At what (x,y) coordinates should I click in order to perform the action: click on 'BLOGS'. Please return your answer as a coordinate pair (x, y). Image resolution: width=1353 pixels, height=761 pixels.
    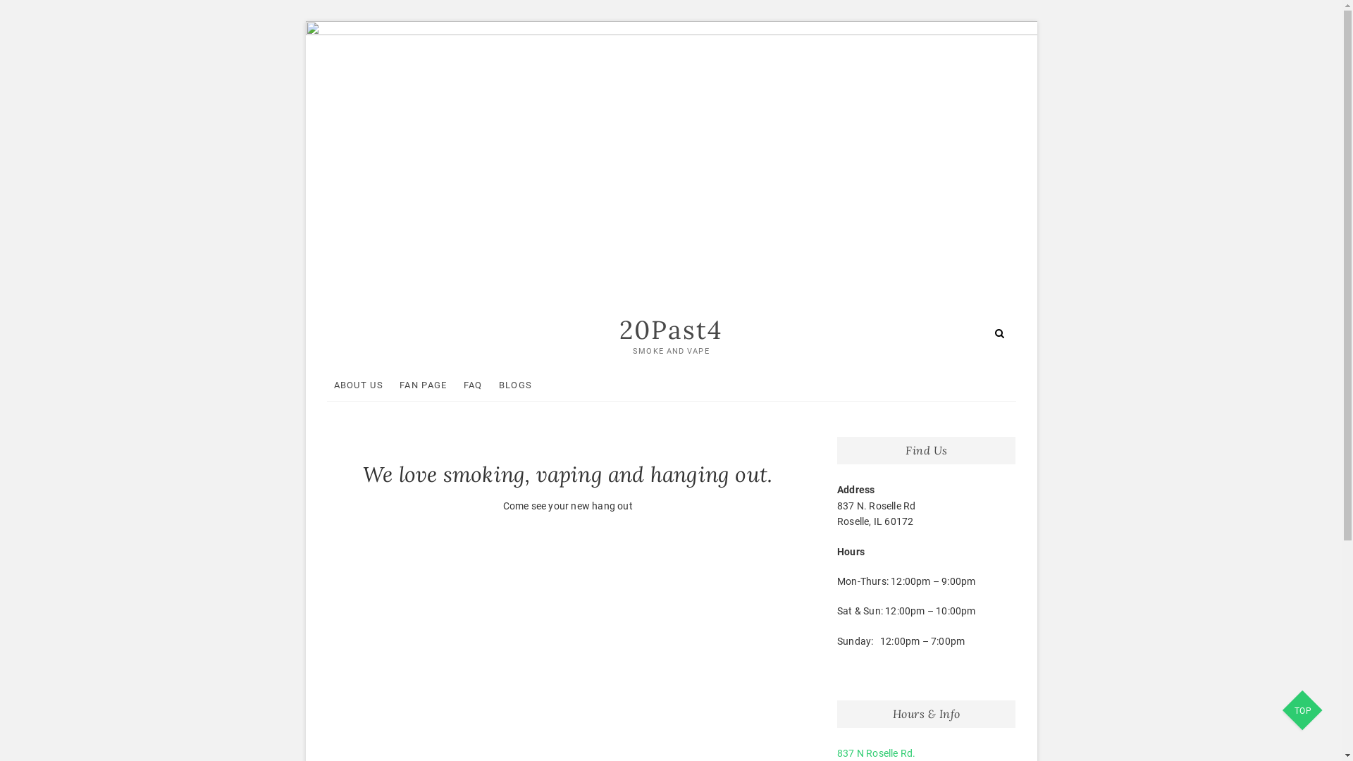
    Looking at the image, I should click on (491, 385).